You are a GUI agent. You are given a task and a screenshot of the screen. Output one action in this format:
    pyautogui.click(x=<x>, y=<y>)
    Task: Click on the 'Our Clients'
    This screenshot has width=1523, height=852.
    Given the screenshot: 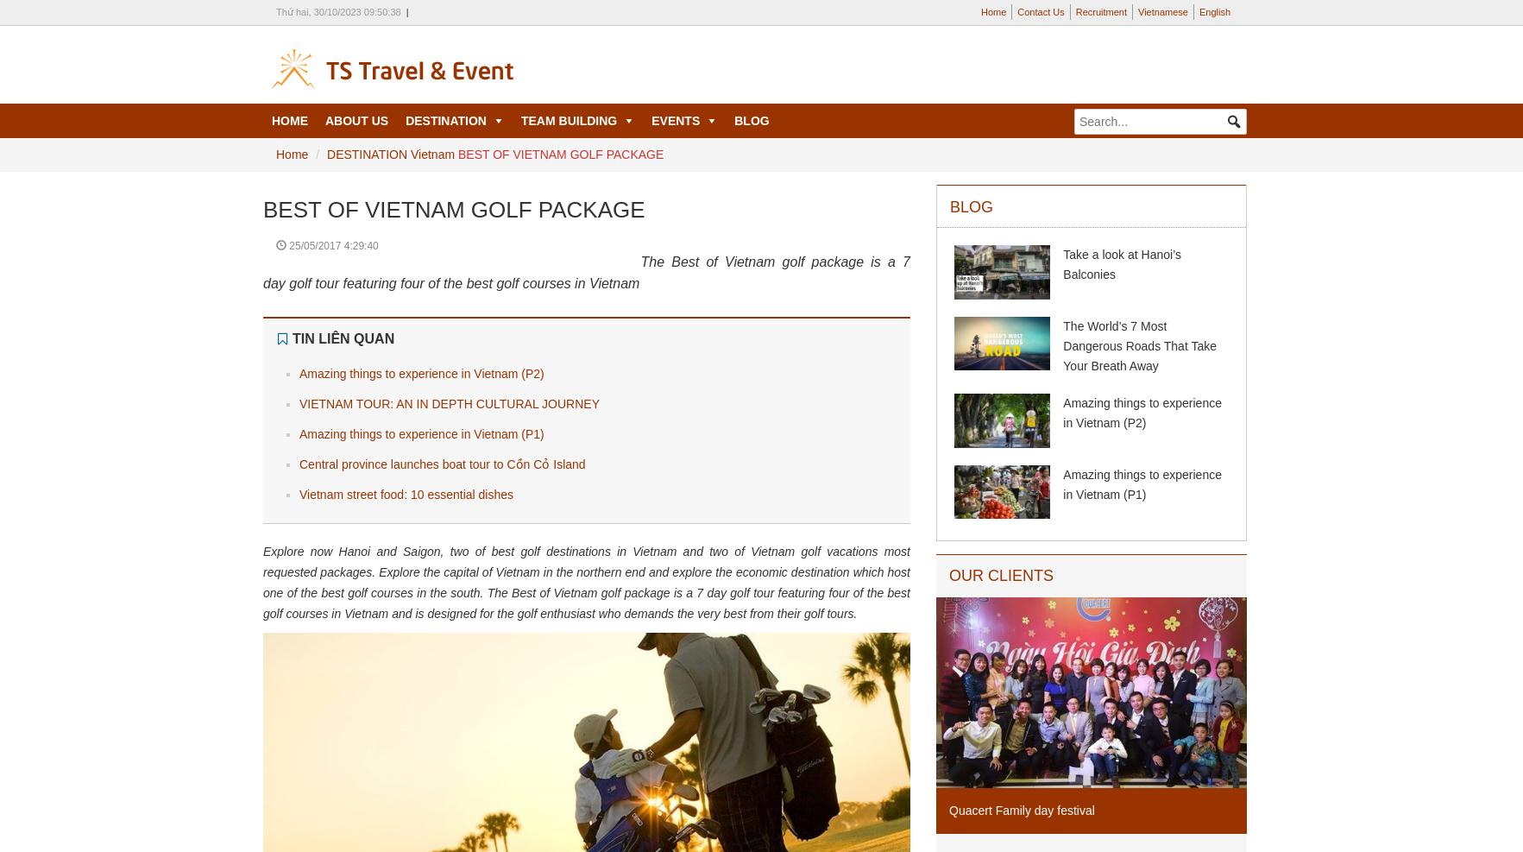 What is the action you would take?
    pyautogui.click(x=1001, y=576)
    